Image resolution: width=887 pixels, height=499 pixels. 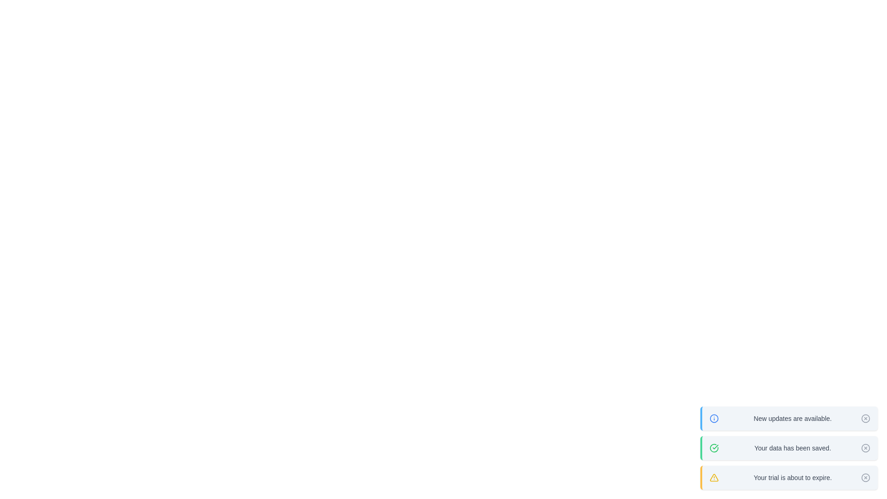 What do you see at coordinates (713, 447) in the screenshot?
I see `the status indicator icon located within the alert box that displays the message 'Your data has been saved.' This icon is positioned to the left of the message, indicating a successful save operation` at bounding box center [713, 447].